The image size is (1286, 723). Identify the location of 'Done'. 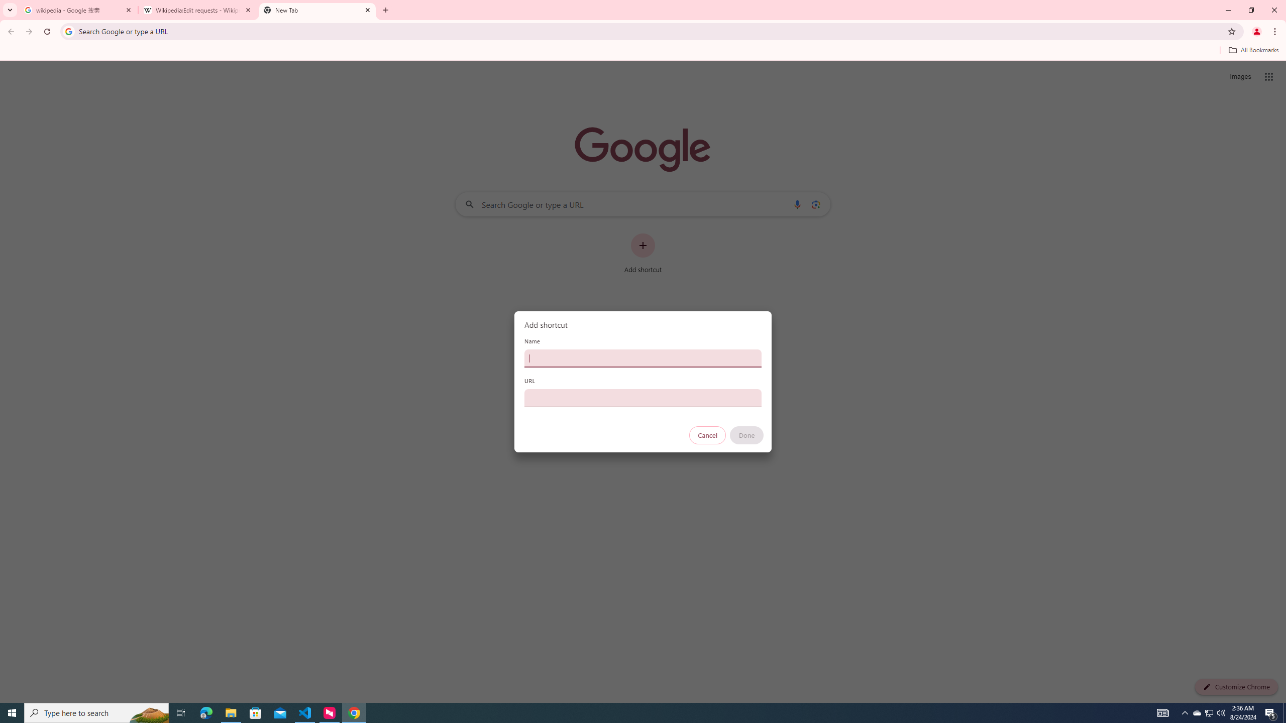
(747, 435).